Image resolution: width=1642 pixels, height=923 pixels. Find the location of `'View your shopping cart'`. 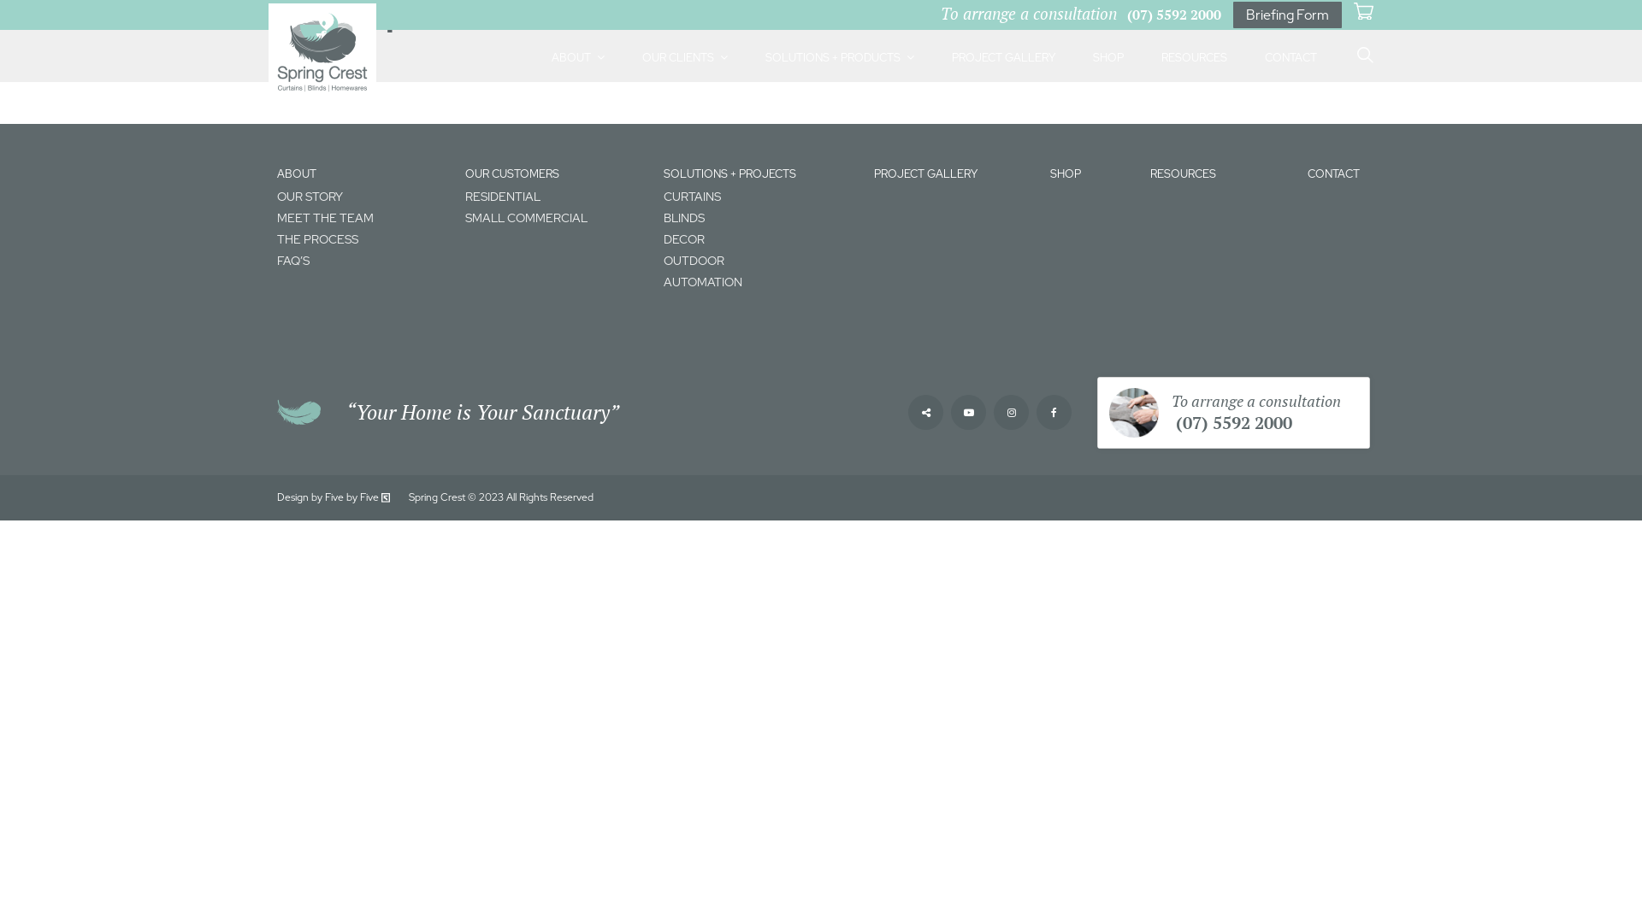

'View your shopping cart' is located at coordinates (1362, 11).